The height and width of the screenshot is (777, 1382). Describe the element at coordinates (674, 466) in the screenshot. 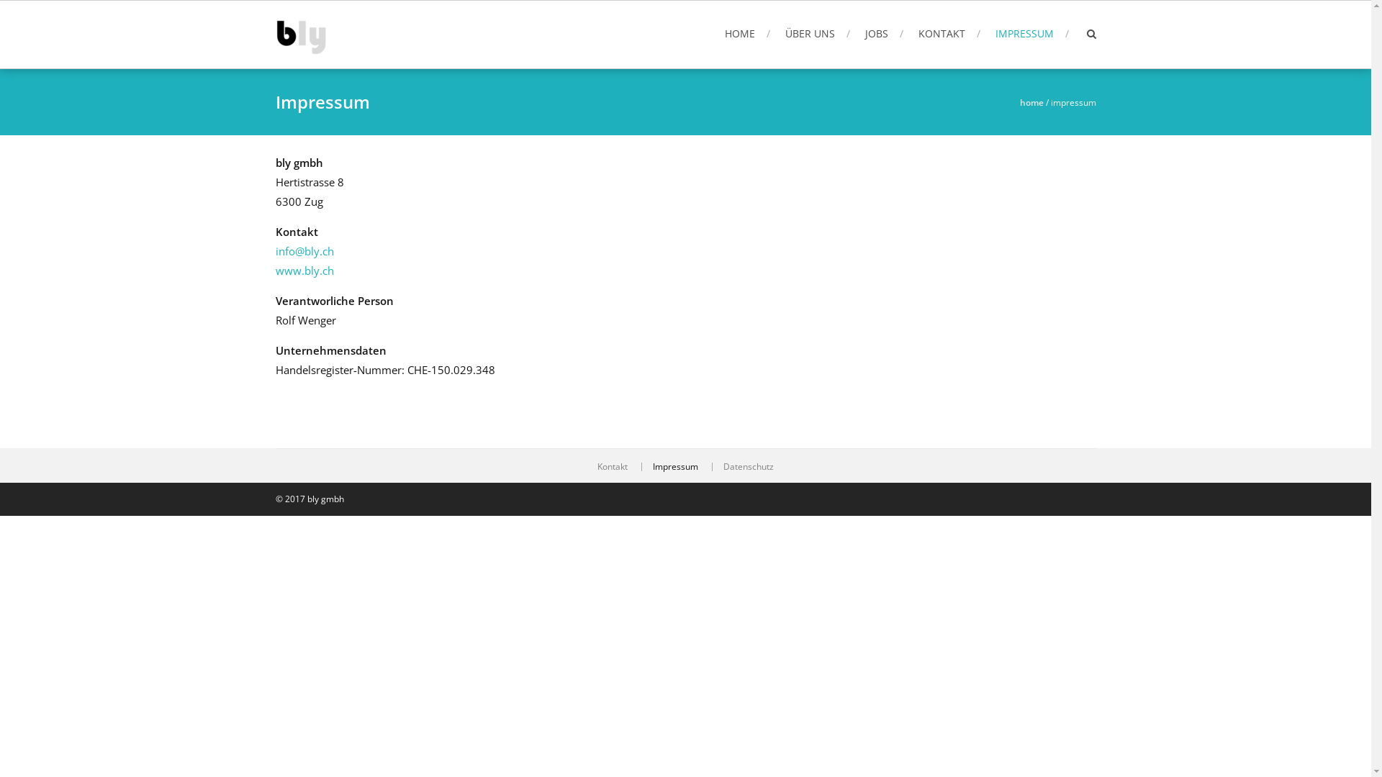

I see `'Impressum'` at that location.